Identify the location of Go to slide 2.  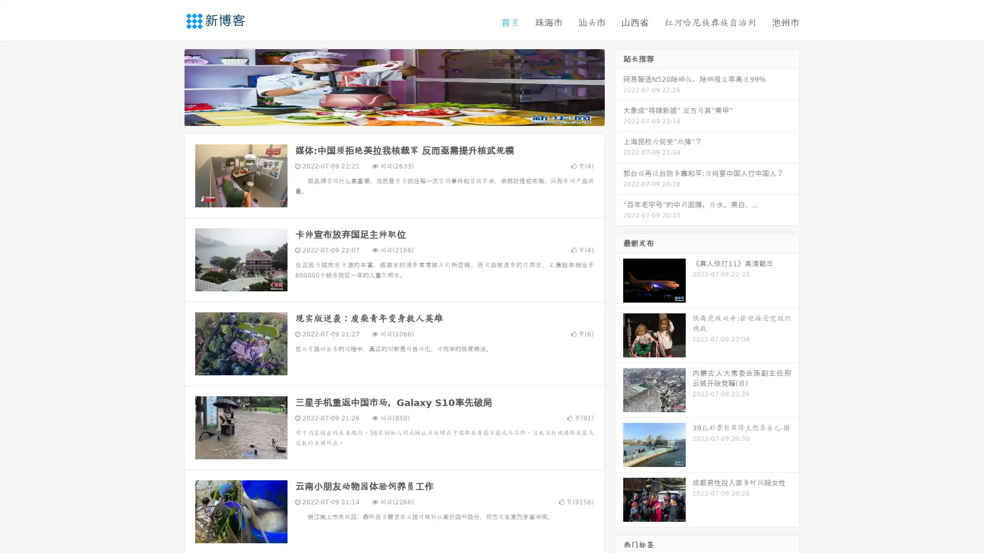
(394, 115).